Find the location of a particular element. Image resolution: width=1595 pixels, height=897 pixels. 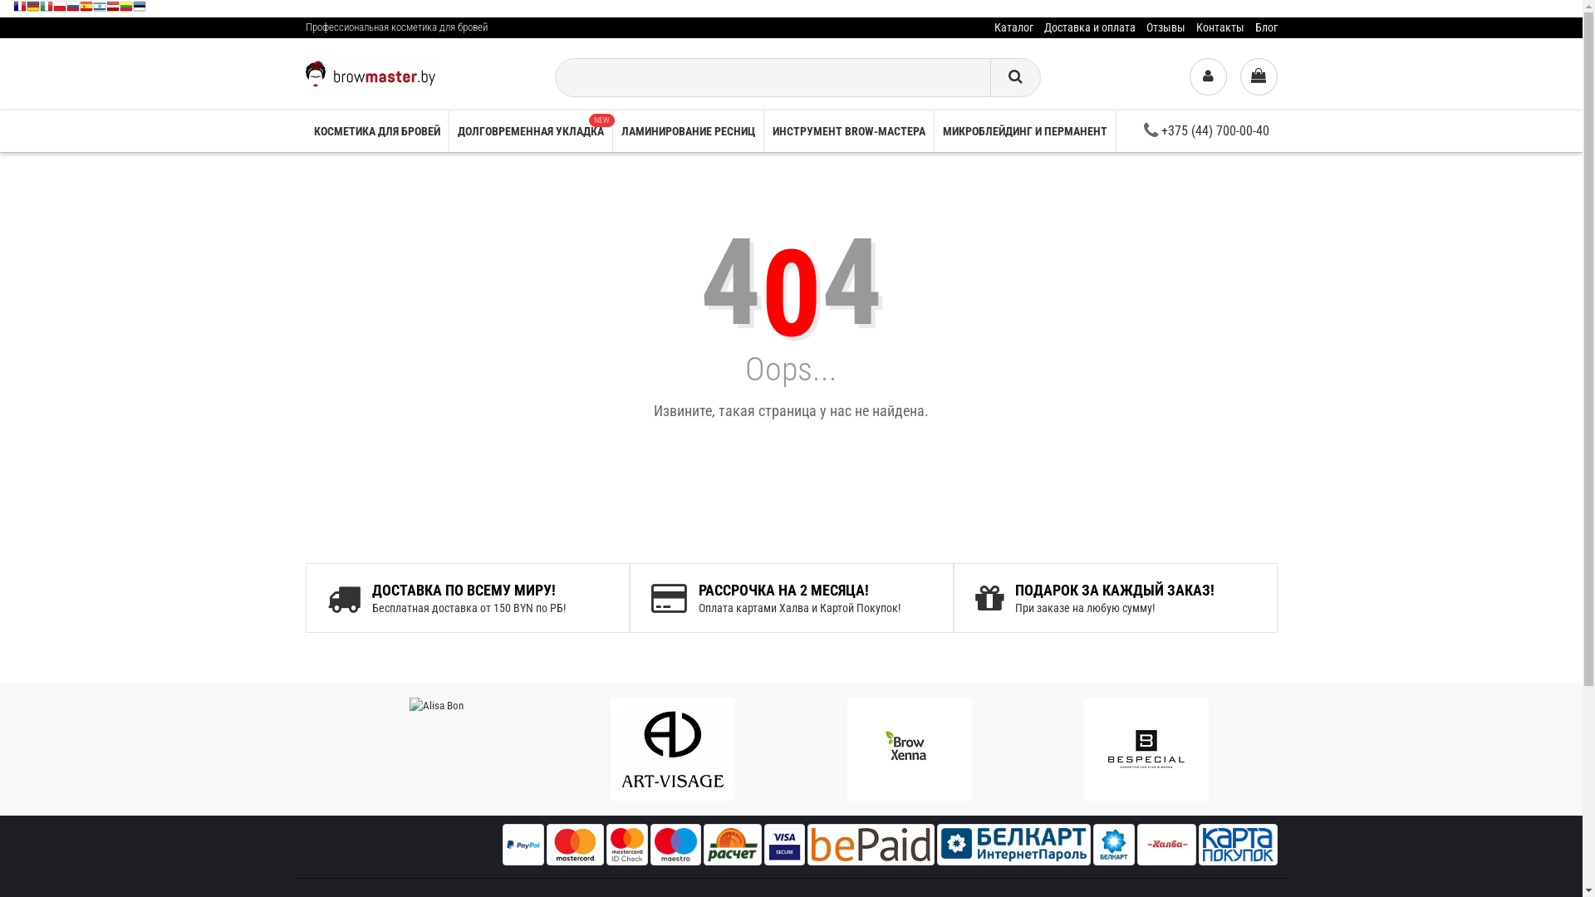

'Master Card' is located at coordinates (575, 845).